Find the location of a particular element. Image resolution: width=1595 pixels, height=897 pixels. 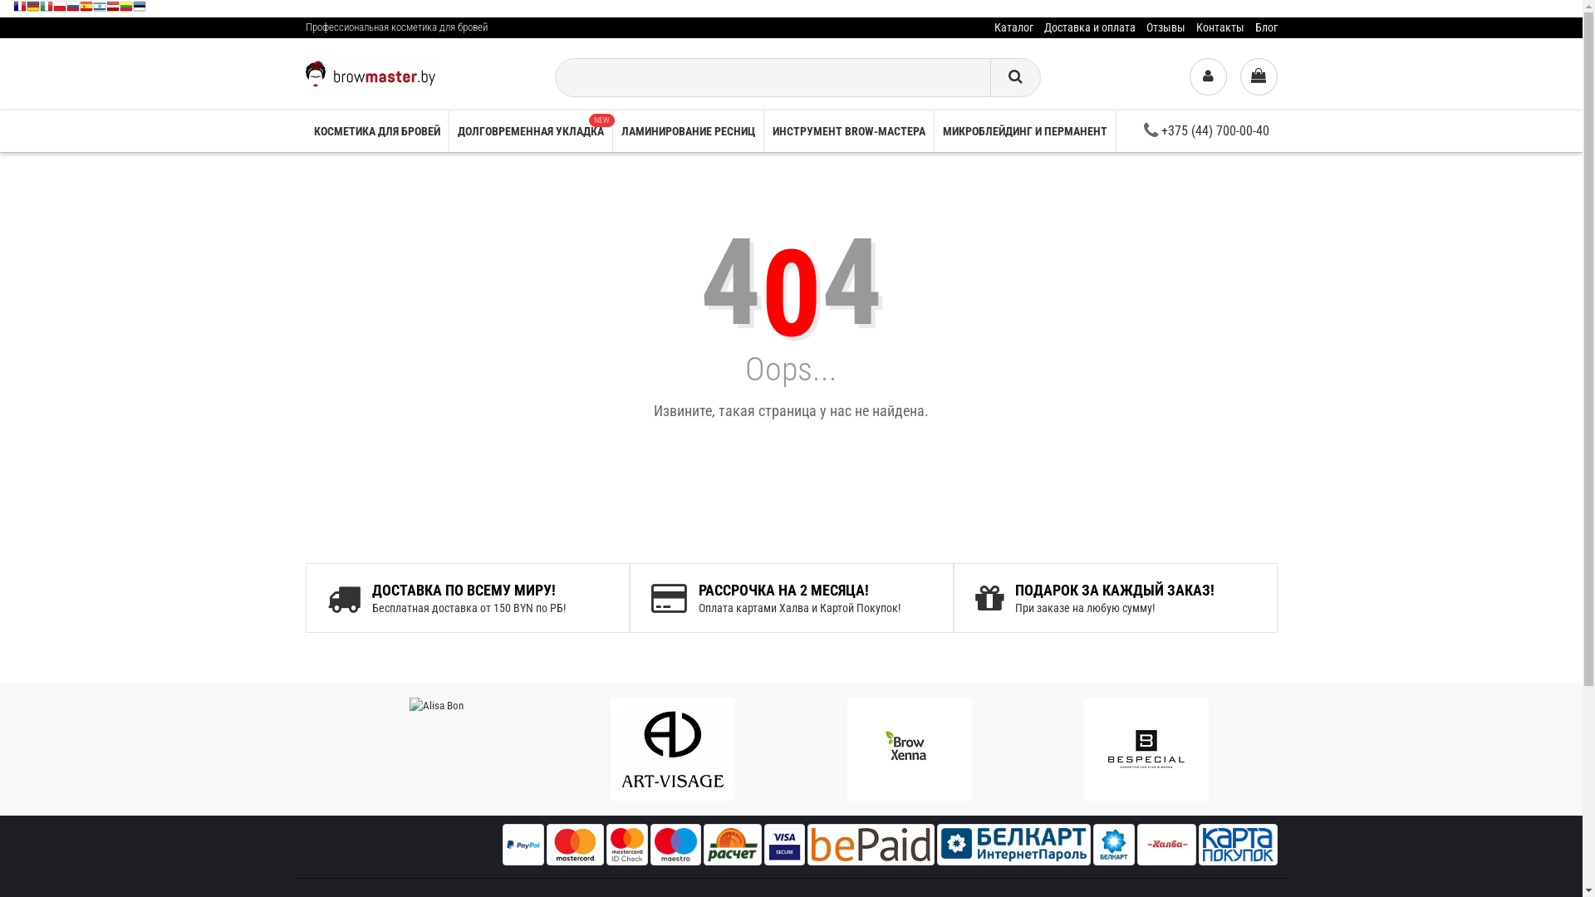

'Master Card' is located at coordinates (575, 845).